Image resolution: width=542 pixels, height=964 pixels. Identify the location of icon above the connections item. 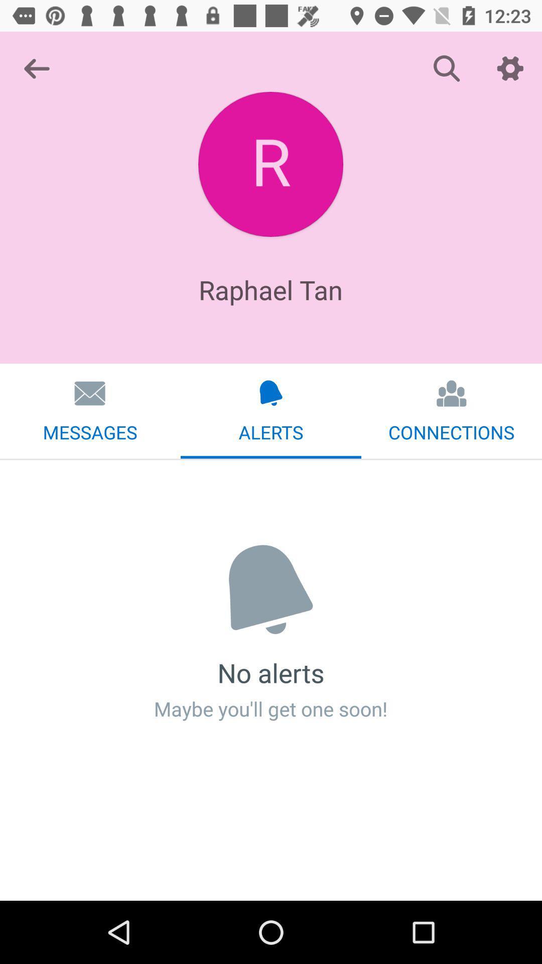
(510, 68).